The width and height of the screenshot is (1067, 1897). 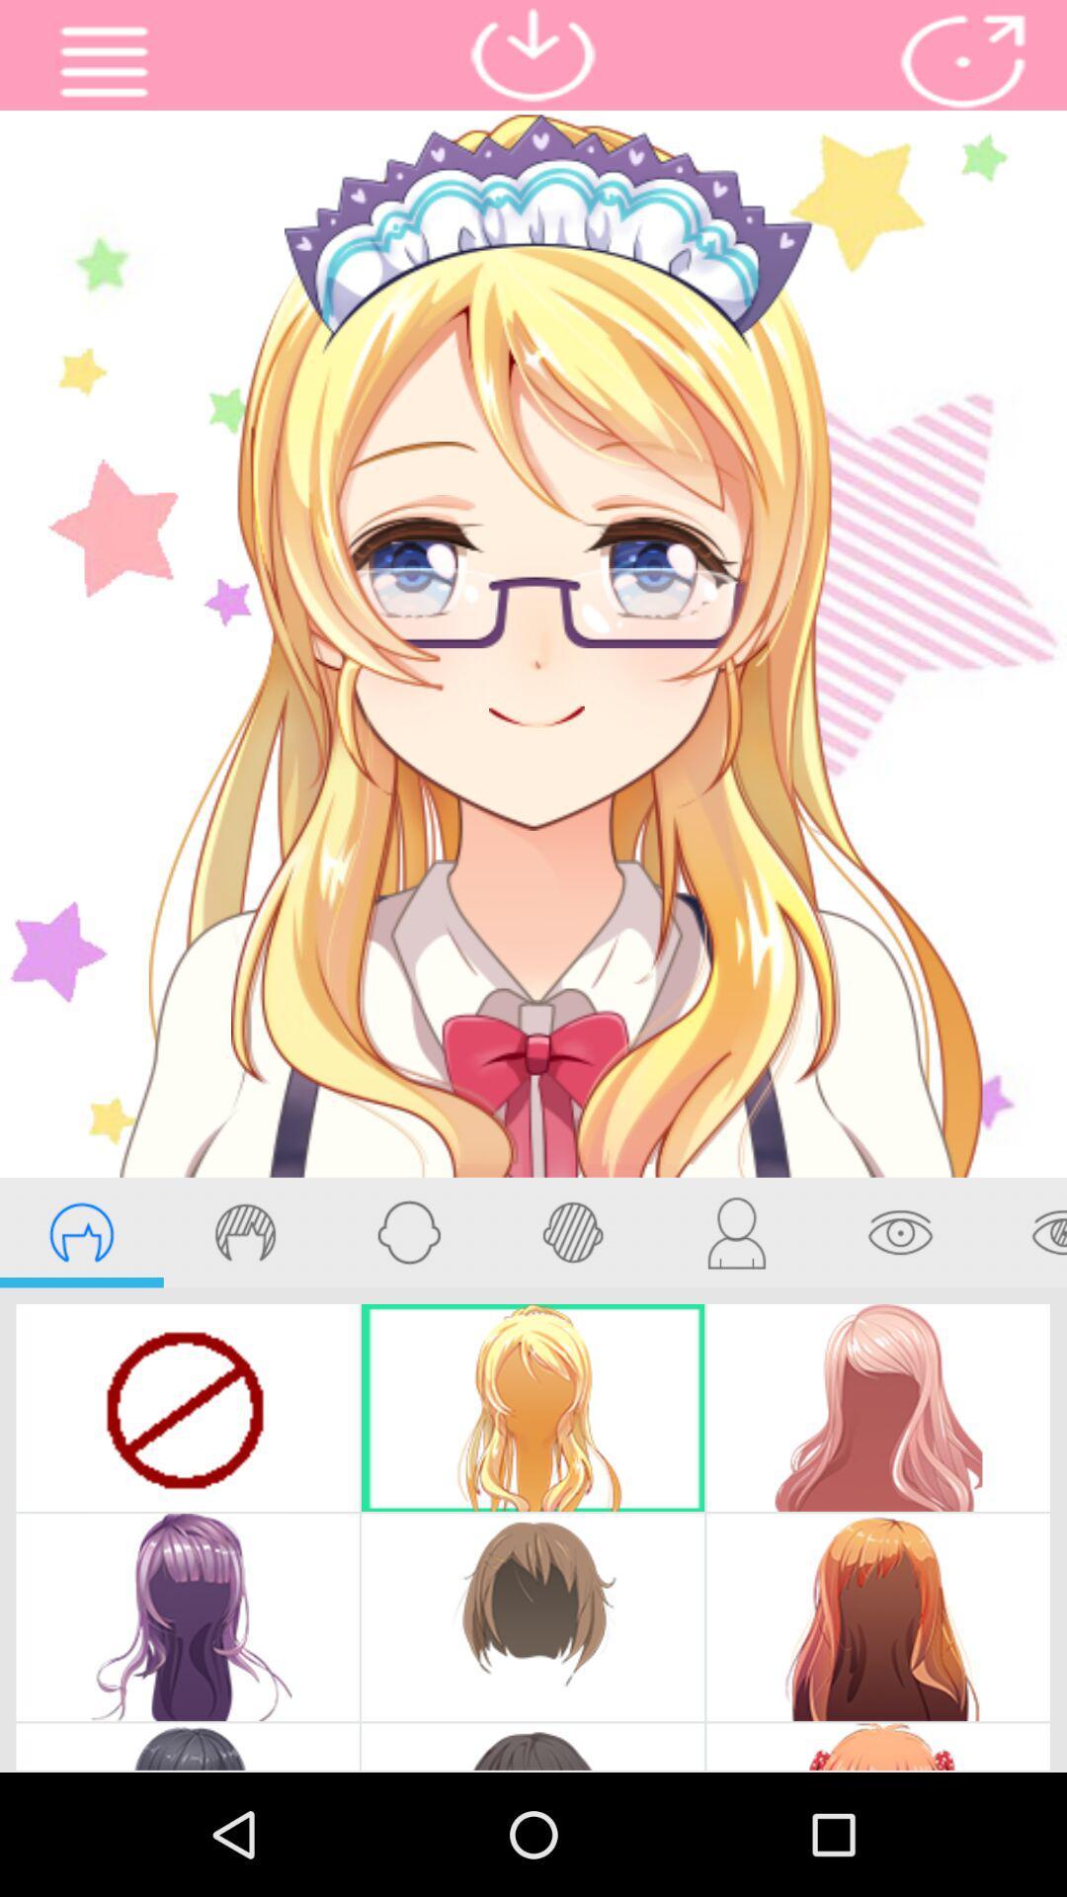 What do you see at coordinates (1024, 1231) in the screenshot?
I see `eye color` at bounding box center [1024, 1231].